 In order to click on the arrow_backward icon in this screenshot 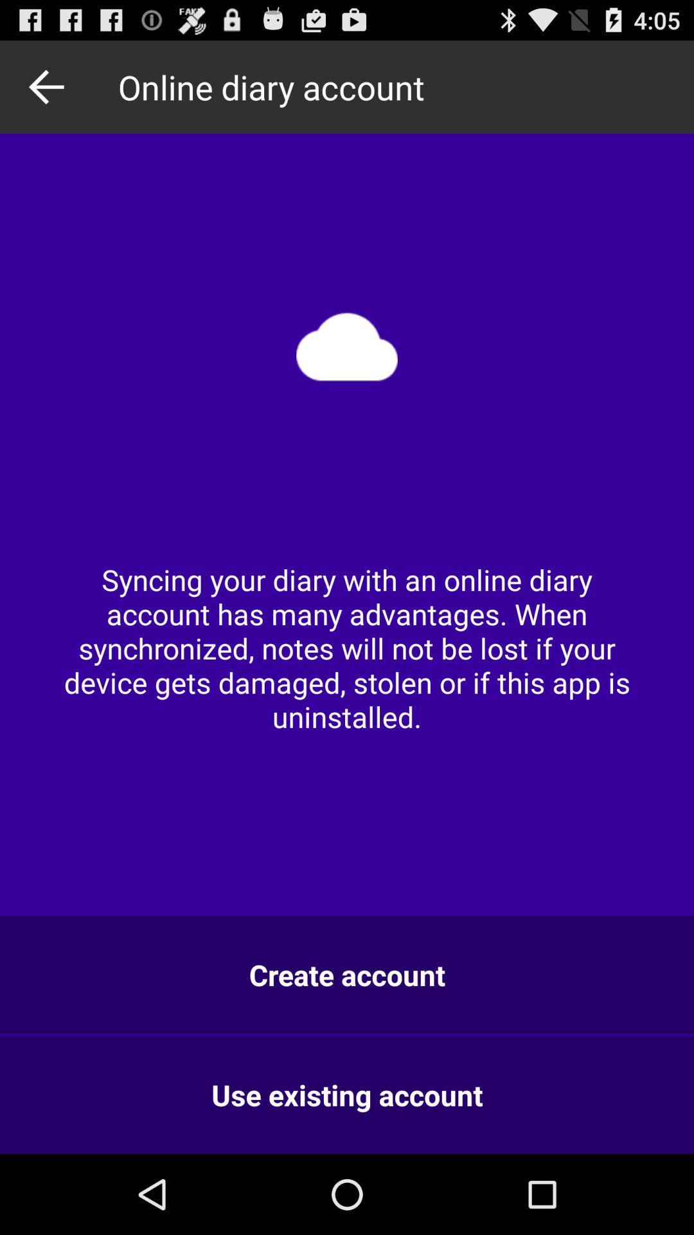, I will do `click(49, 92)`.